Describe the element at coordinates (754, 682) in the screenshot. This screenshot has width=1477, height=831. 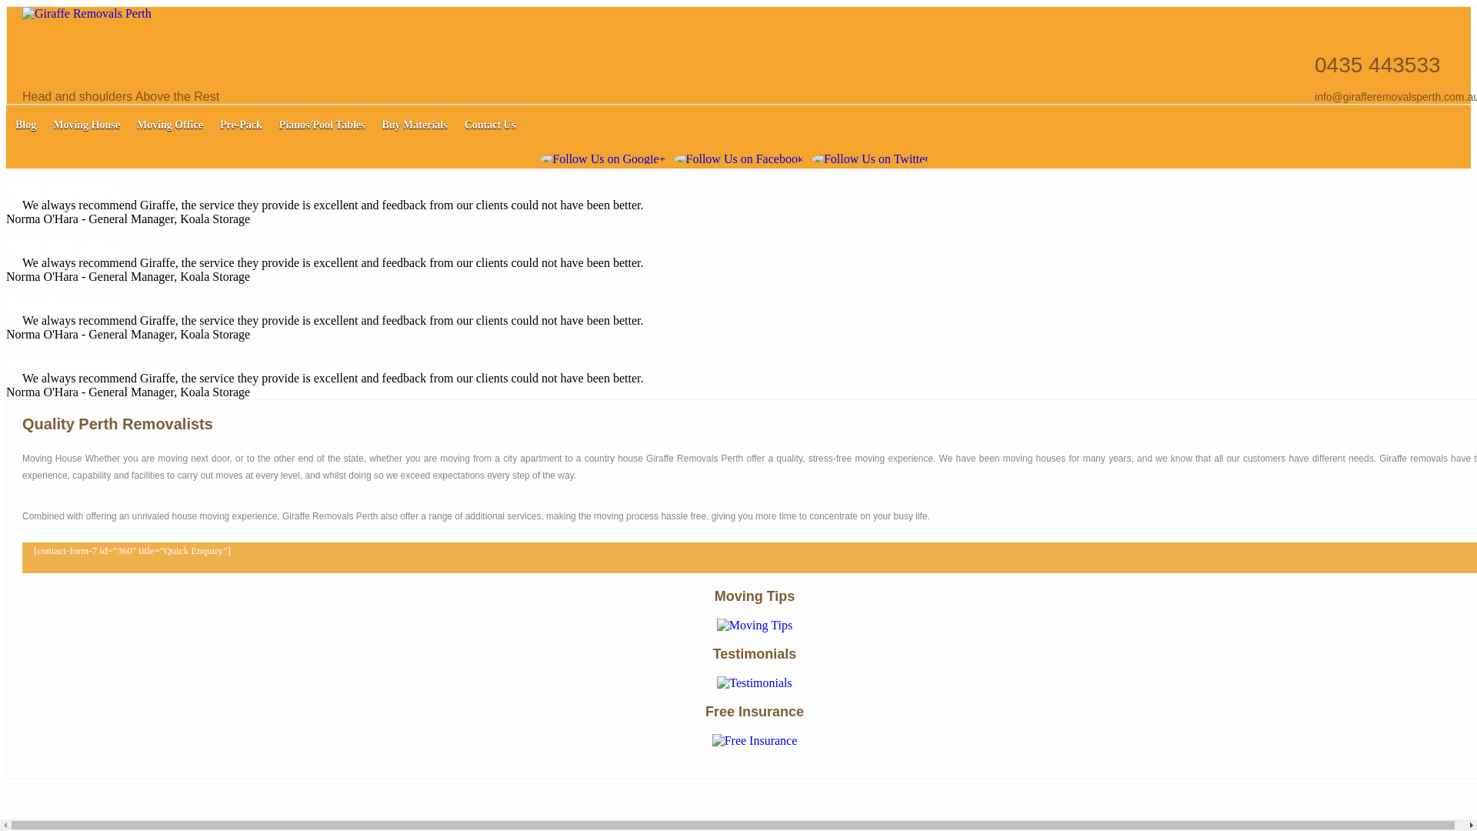
I see `'Testimonials'` at that location.